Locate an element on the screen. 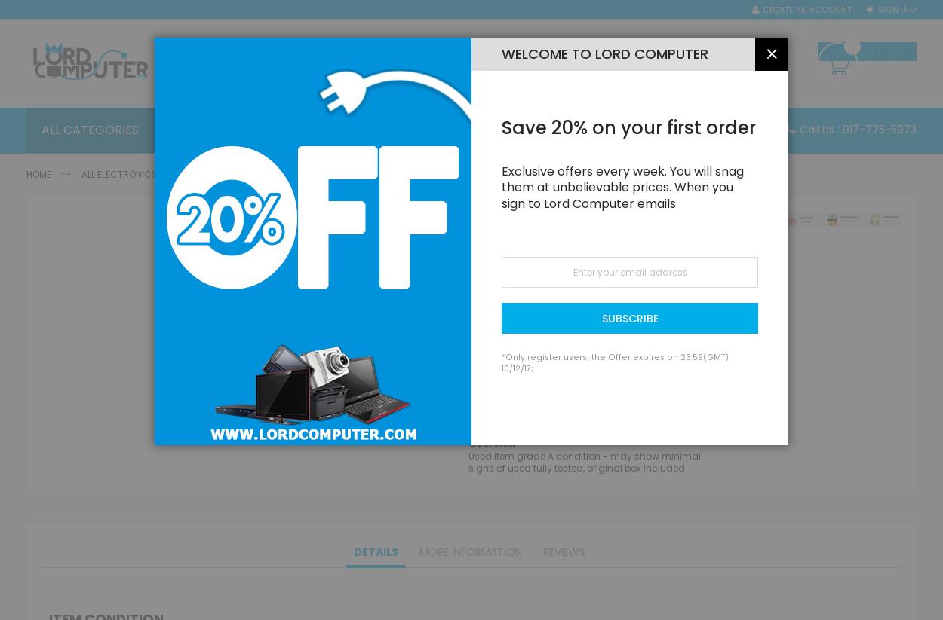 The width and height of the screenshot is (943, 620). 'Toys & Video Games' is located at coordinates (311, 516).